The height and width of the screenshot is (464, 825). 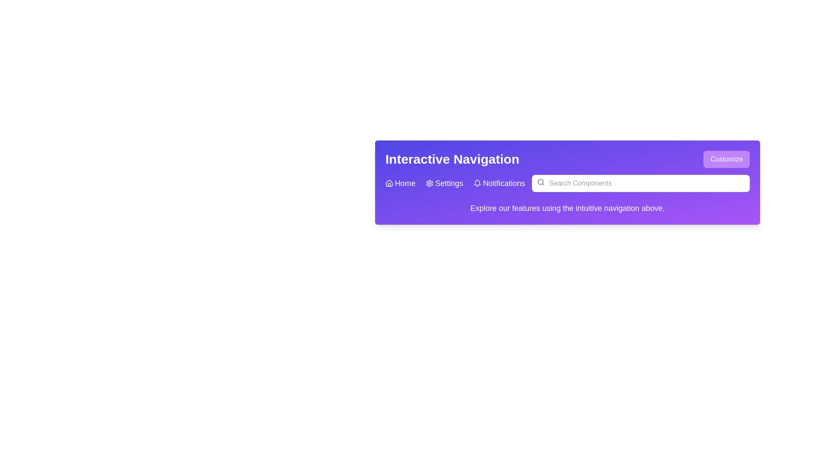 I want to click on the Header or Banner displaying 'Interactive Navigation', so click(x=567, y=182).